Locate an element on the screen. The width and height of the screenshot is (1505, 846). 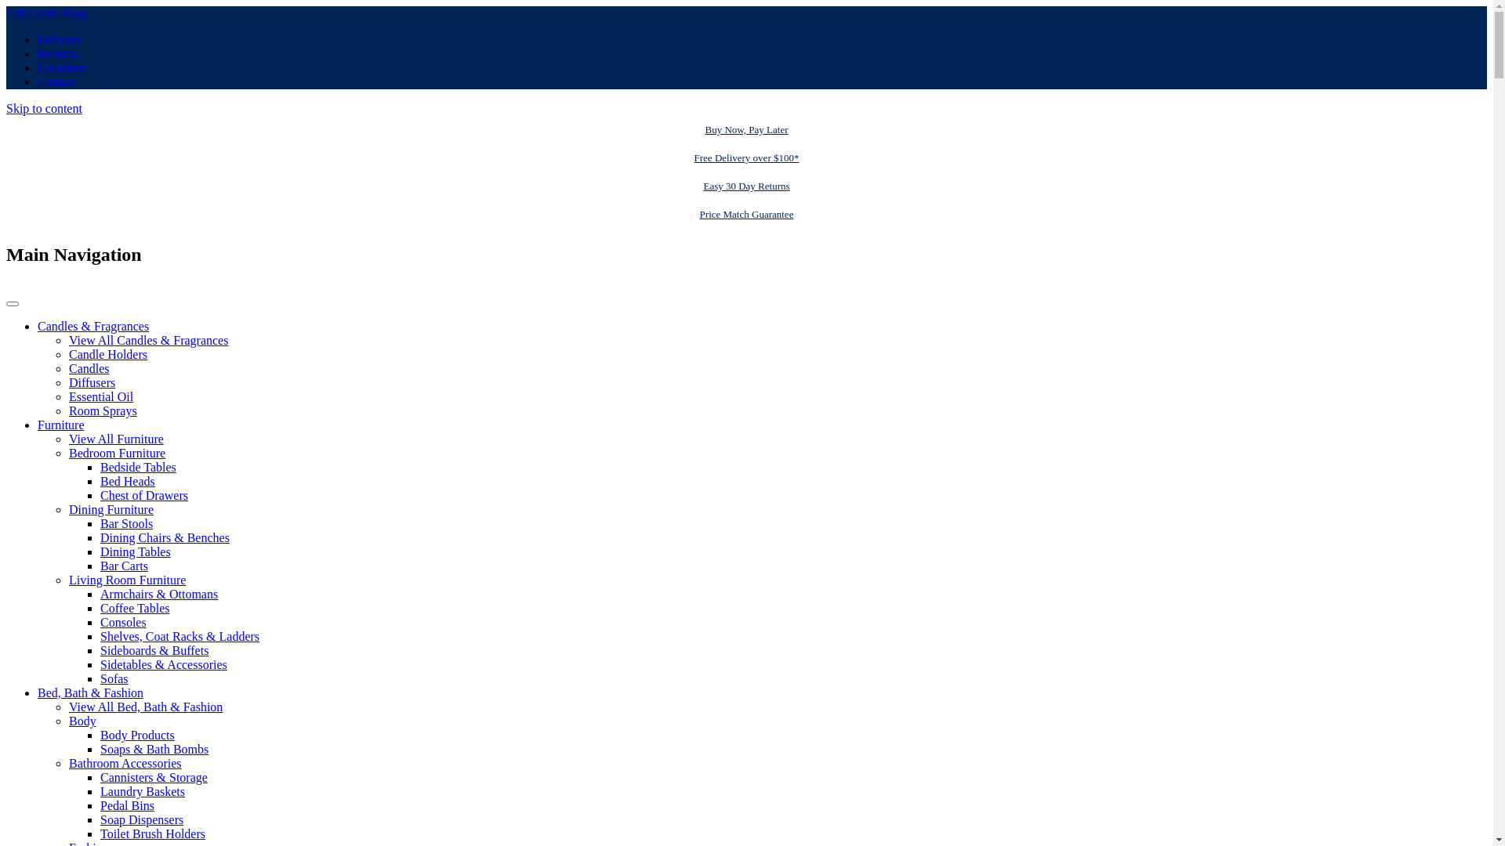
'Armchairs & Ottomans' is located at coordinates (158, 594).